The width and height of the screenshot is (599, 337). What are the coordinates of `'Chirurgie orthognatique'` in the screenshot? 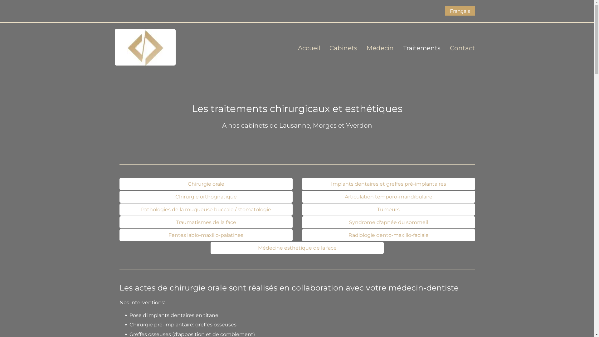 It's located at (206, 197).